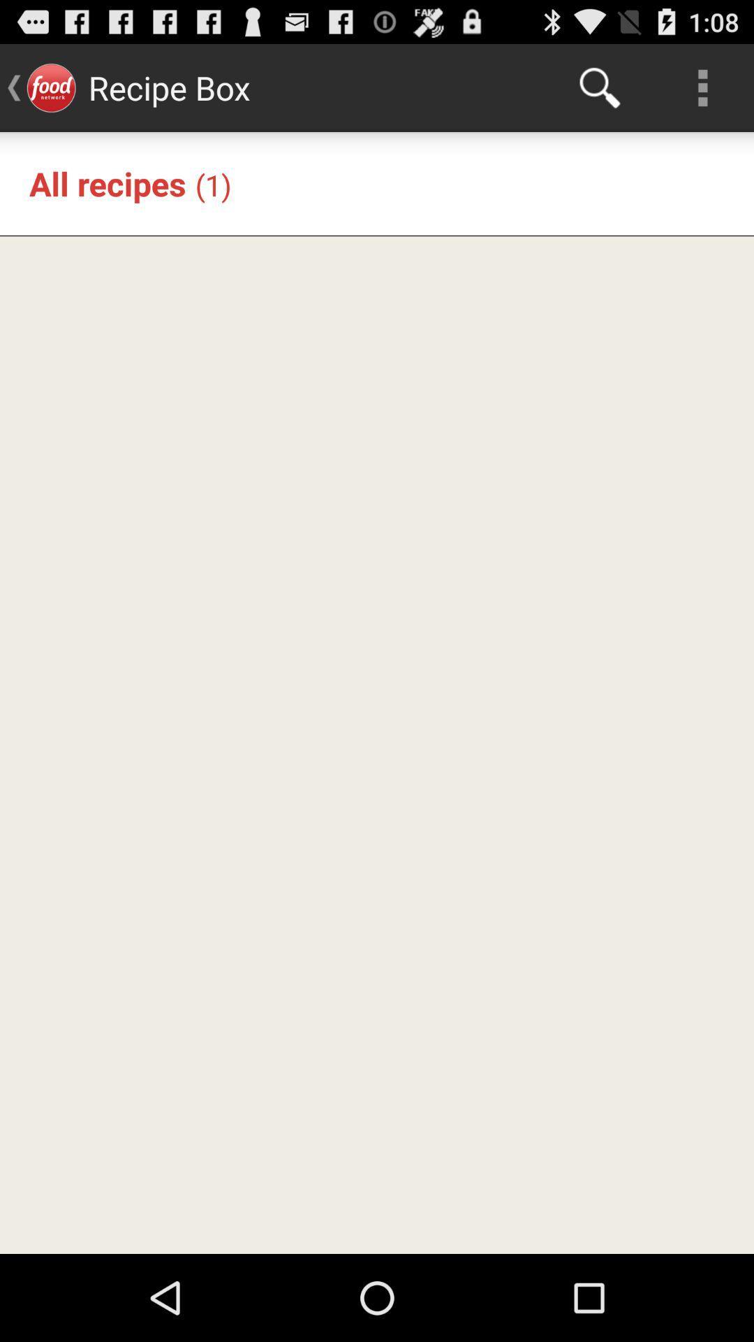 The image size is (754, 1342). I want to click on (1) item, so click(213, 184).